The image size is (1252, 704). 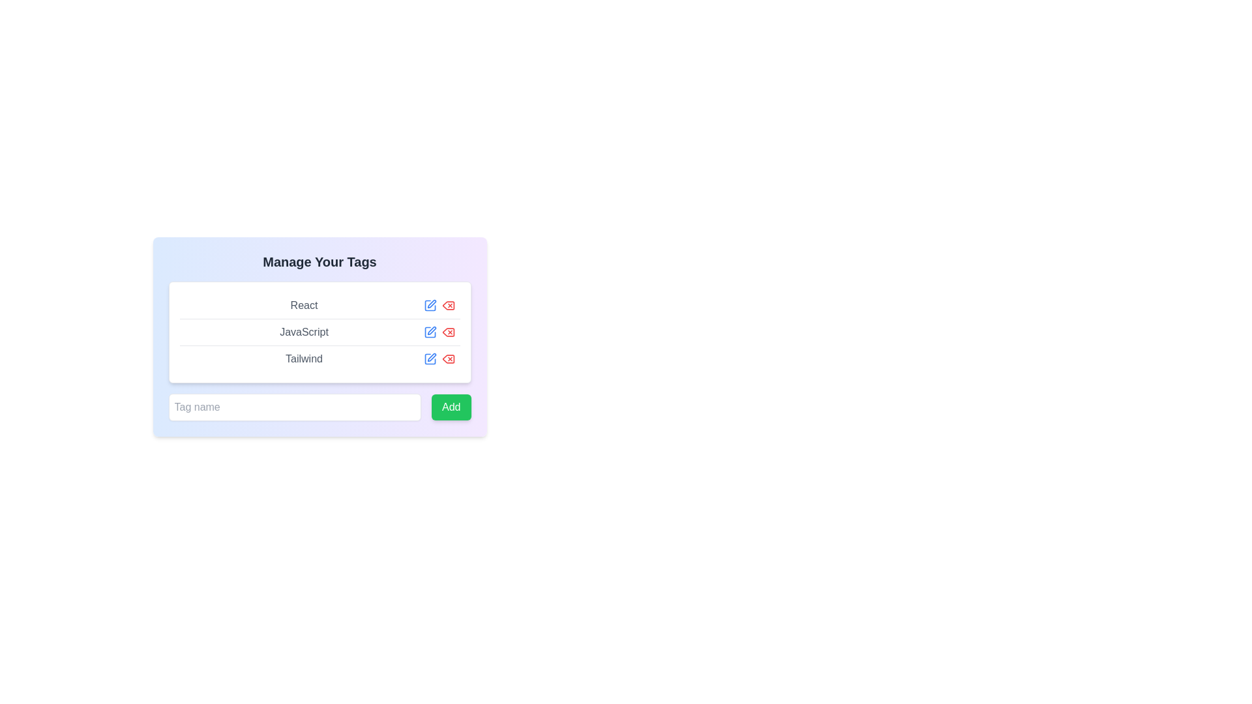 What do you see at coordinates (448, 359) in the screenshot?
I see `the delete action graphic for the 'Tailwind' tag, which is the third entry in the 'Manage Your Tags' section` at bounding box center [448, 359].